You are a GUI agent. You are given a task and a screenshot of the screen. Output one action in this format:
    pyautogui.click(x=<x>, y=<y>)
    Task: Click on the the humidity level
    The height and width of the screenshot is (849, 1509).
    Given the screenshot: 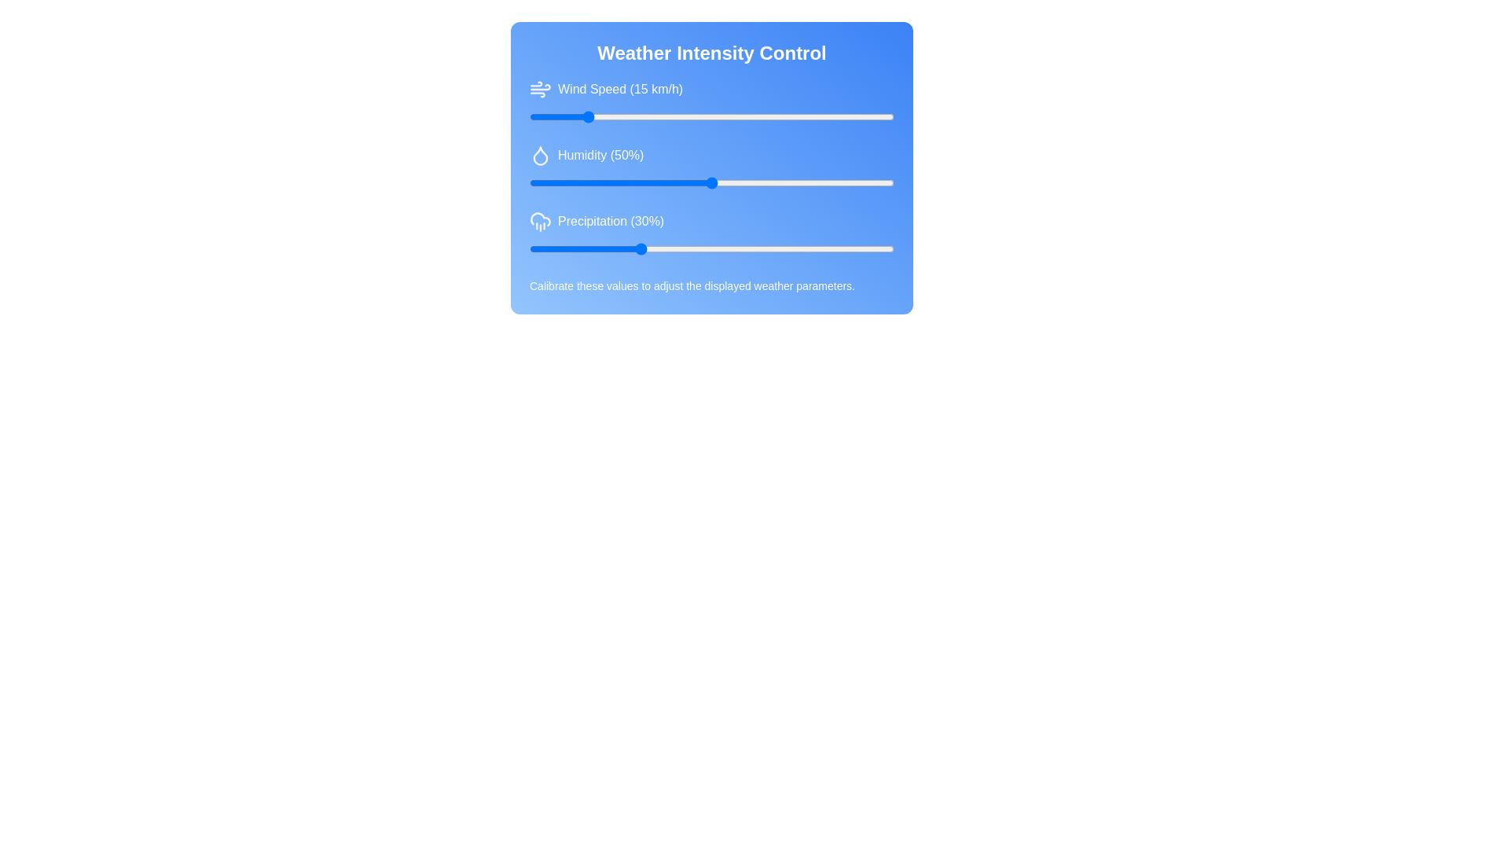 What is the action you would take?
    pyautogui.click(x=751, y=182)
    